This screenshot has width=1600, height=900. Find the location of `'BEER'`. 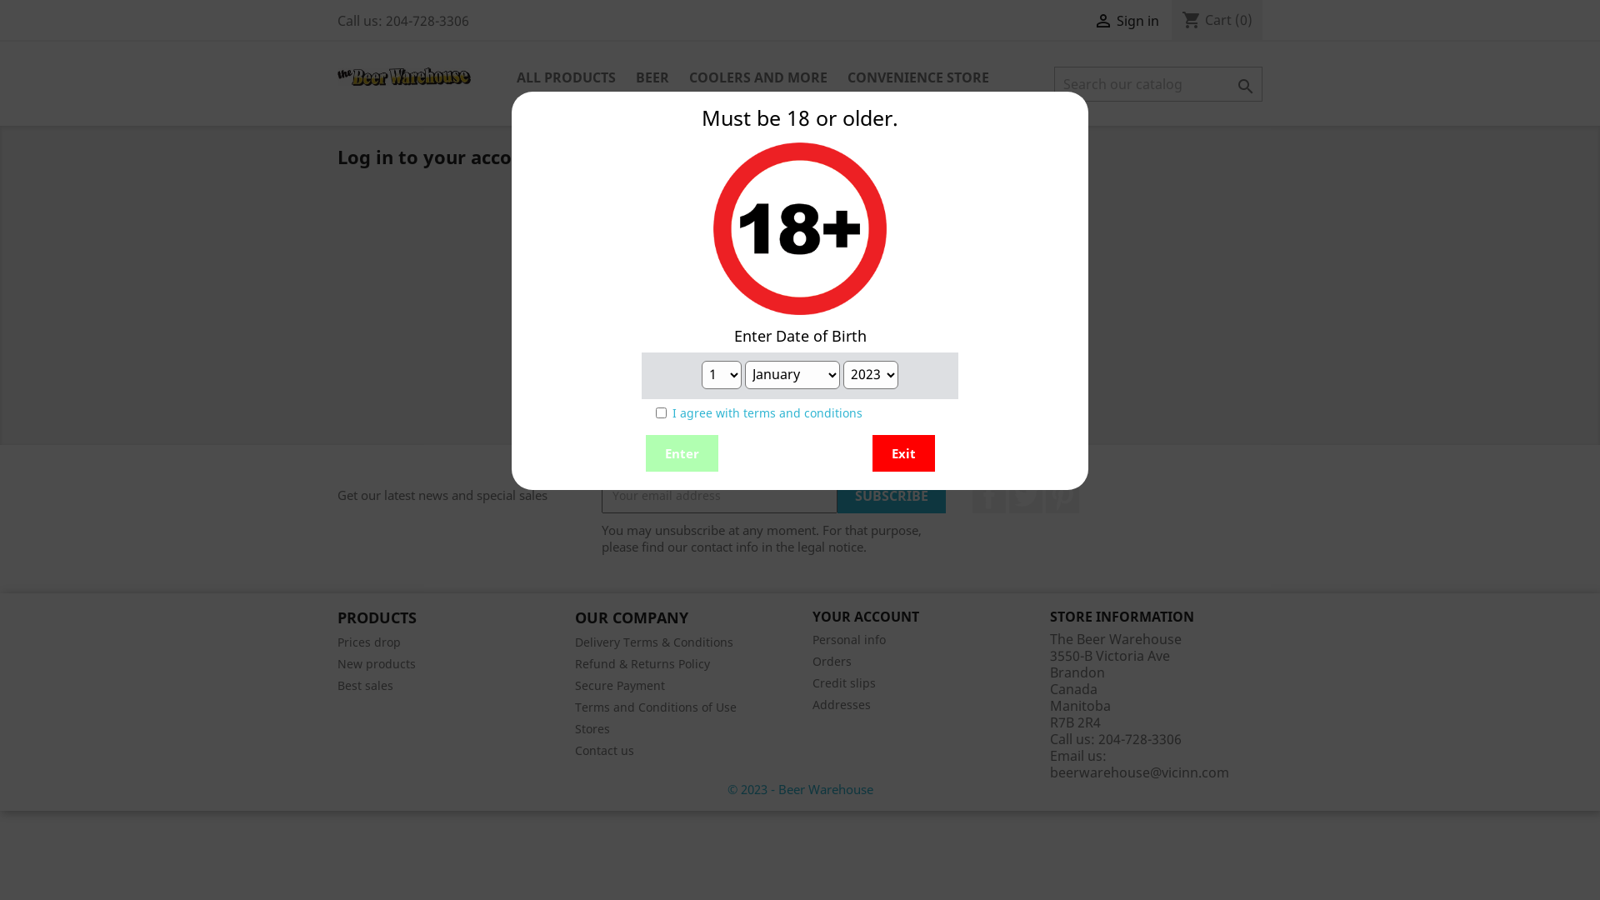

'BEER' is located at coordinates (627, 78).